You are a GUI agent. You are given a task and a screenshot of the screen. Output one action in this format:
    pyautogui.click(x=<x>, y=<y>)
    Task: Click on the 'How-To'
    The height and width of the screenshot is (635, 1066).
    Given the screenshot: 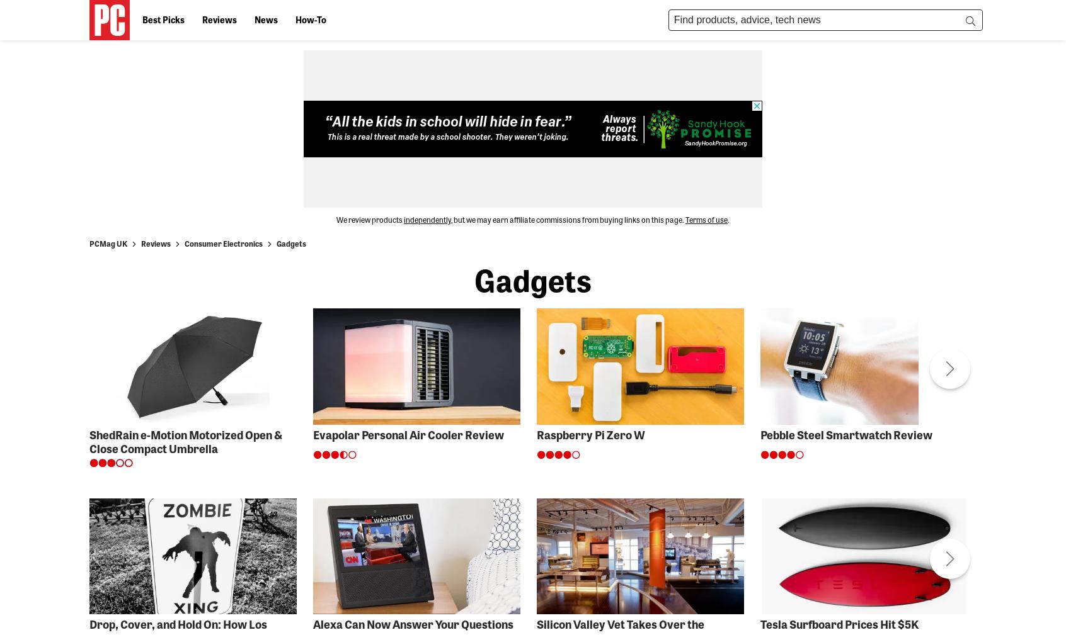 What is the action you would take?
    pyautogui.click(x=310, y=18)
    